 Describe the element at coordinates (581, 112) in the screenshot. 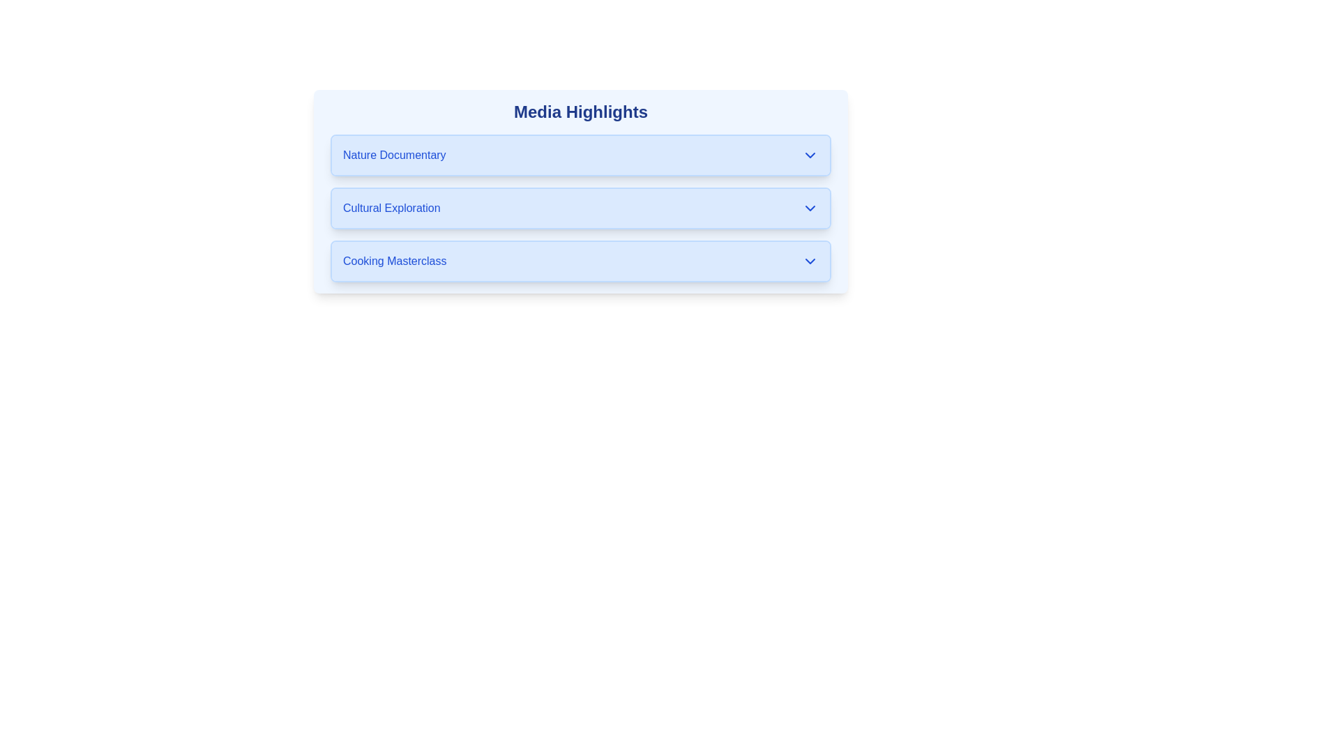

I see `text label 'Media Highlights' located at the top-center of the card with a light blue background` at that location.